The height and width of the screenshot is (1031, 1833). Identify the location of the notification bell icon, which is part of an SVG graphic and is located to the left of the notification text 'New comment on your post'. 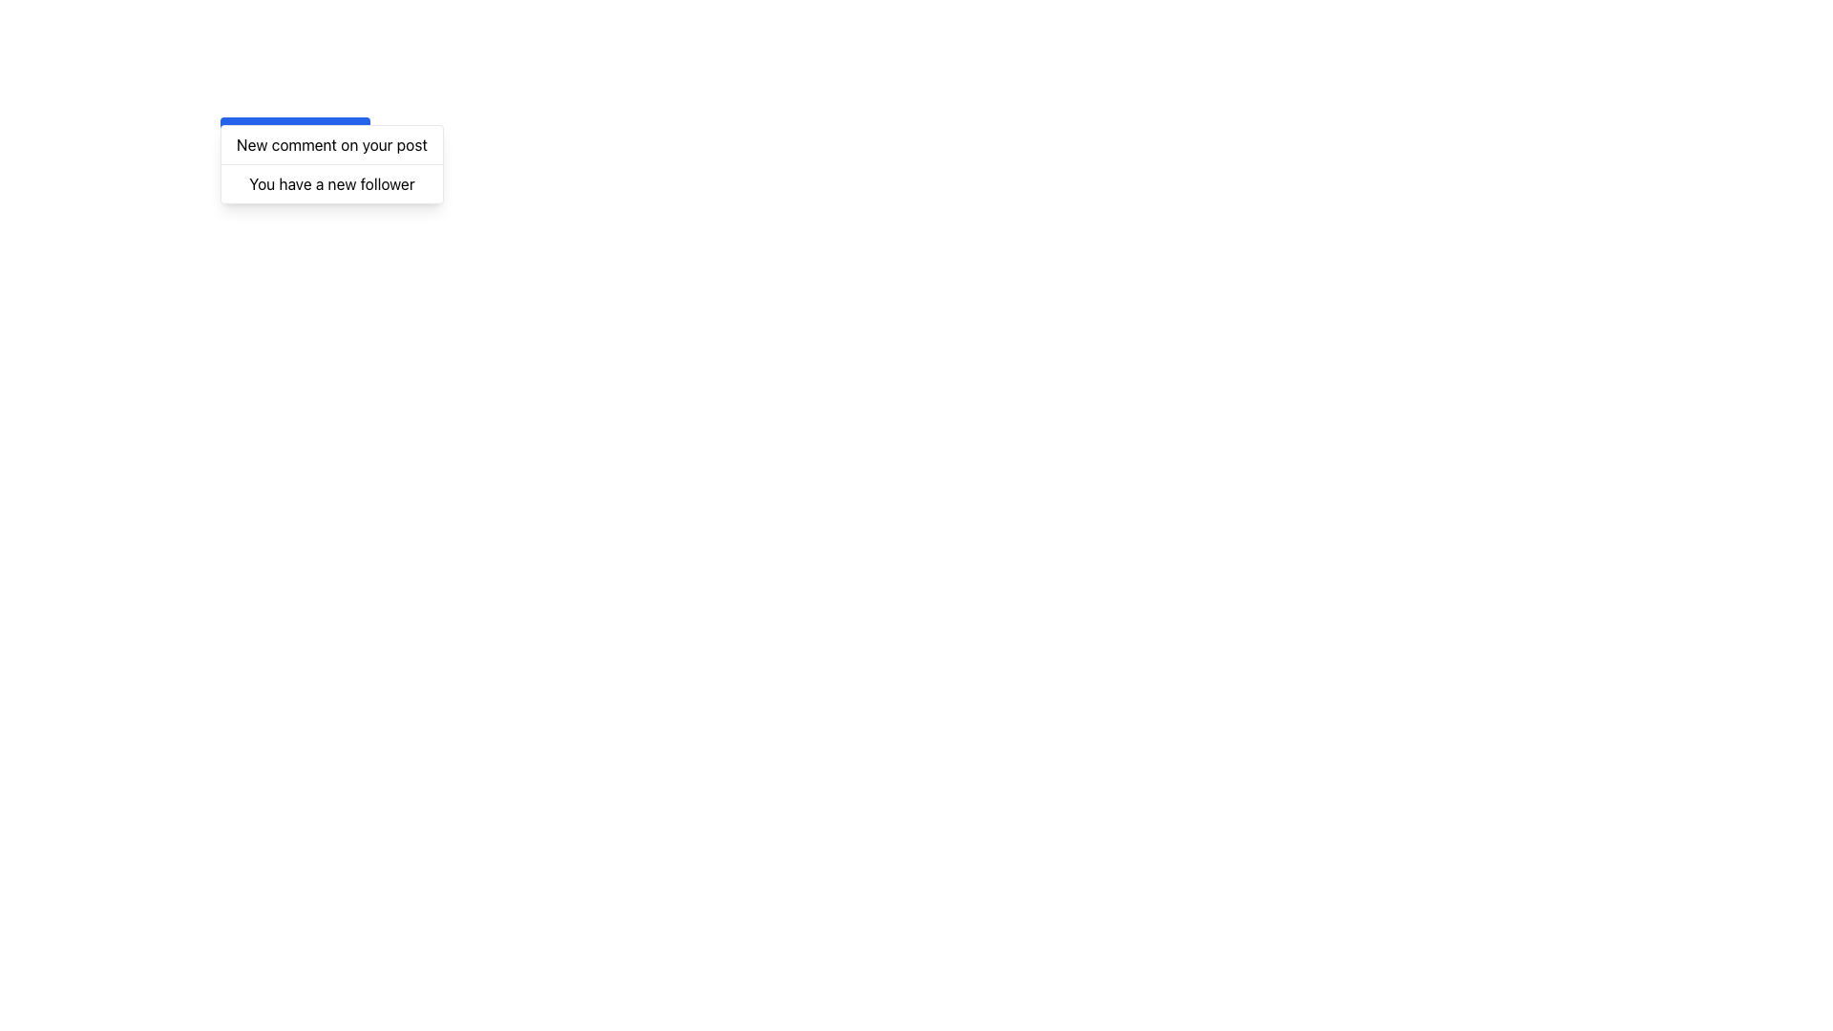
(241, 133).